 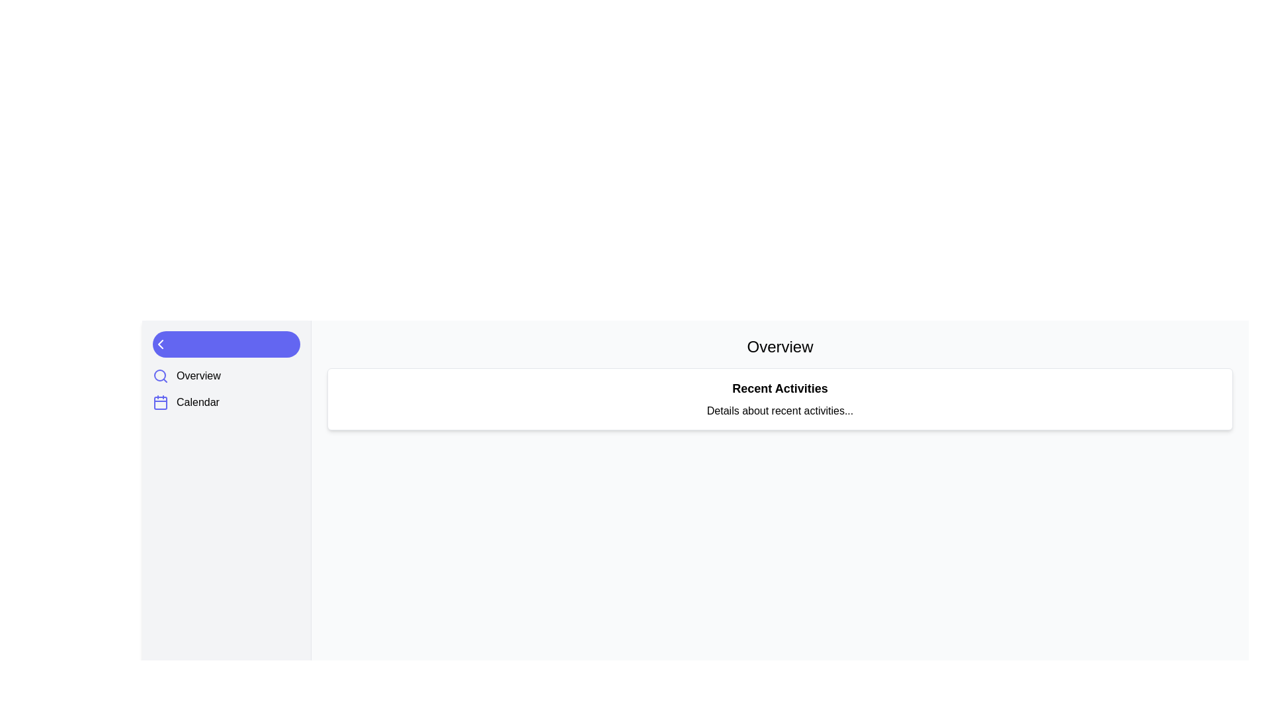 What do you see at coordinates (185, 402) in the screenshot?
I see `the 'Calendar' button in the left sidebar using keyboard navigation` at bounding box center [185, 402].